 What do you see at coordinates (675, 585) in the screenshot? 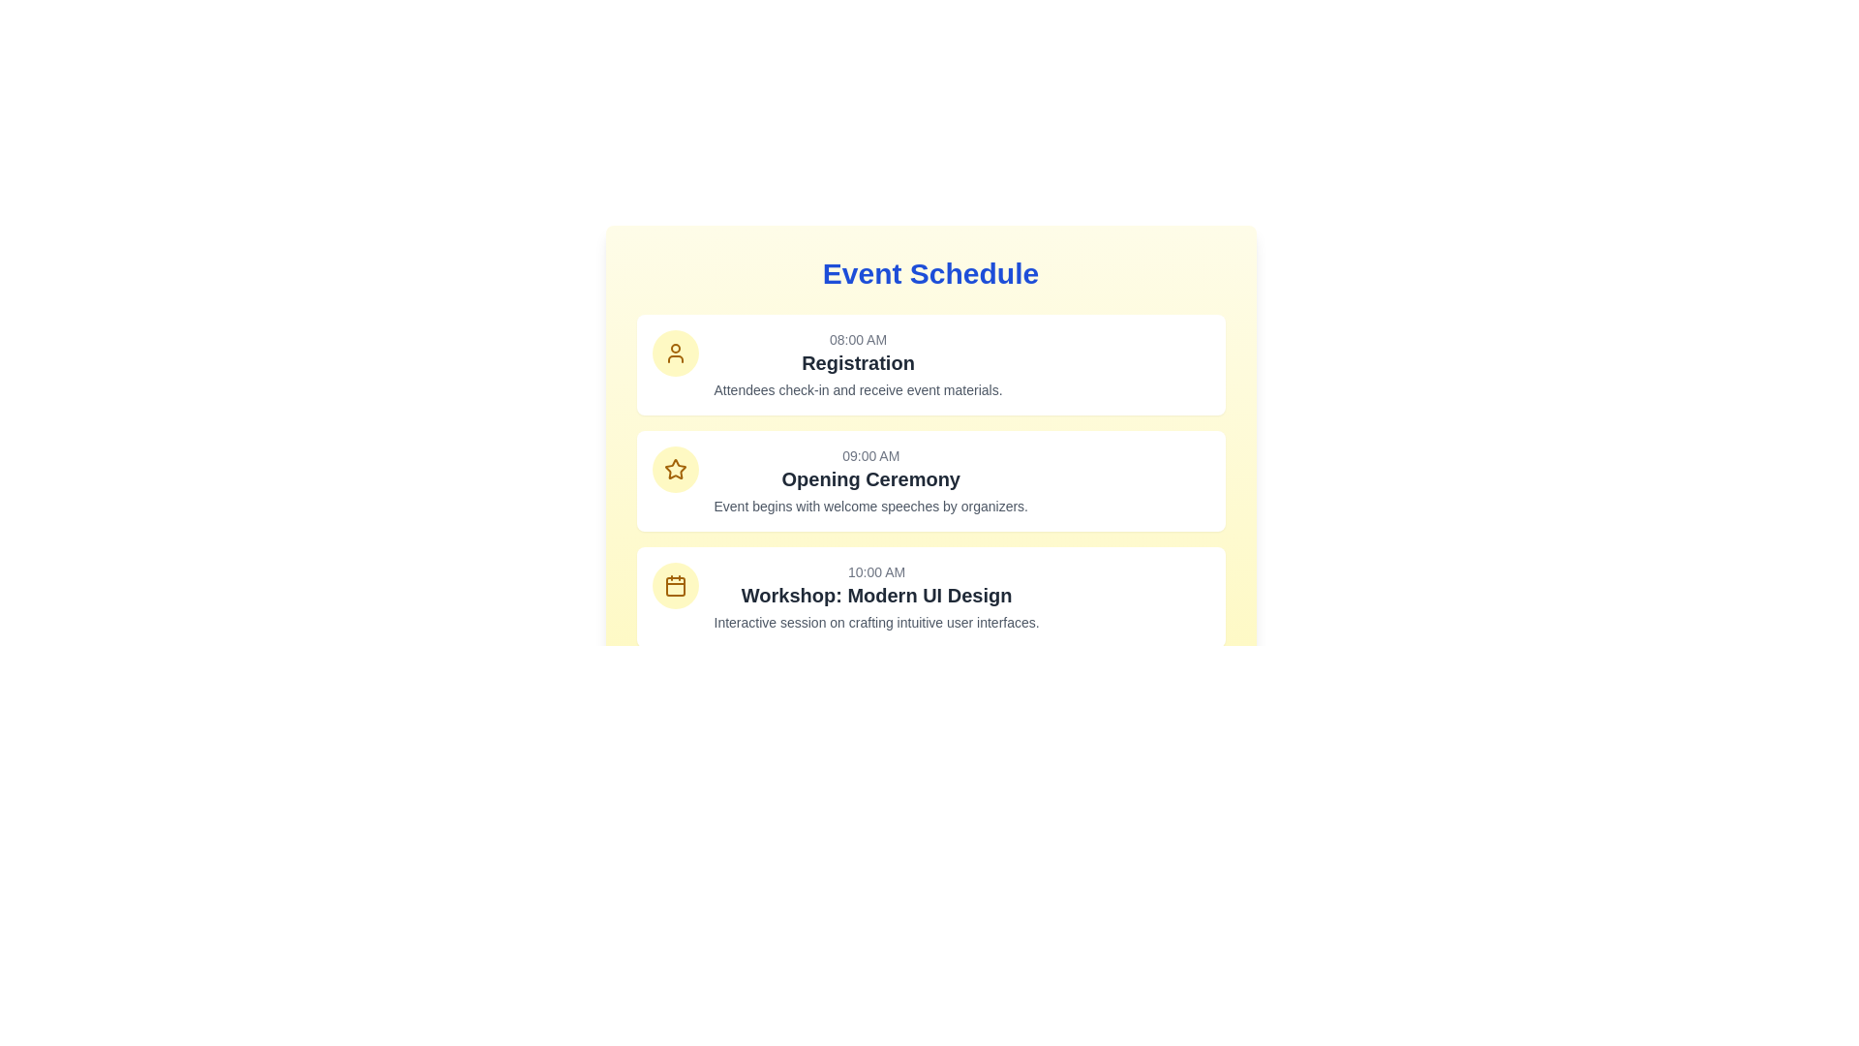
I see `the calendar icon located in the third event card, positioned to the left of the text information` at bounding box center [675, 585].